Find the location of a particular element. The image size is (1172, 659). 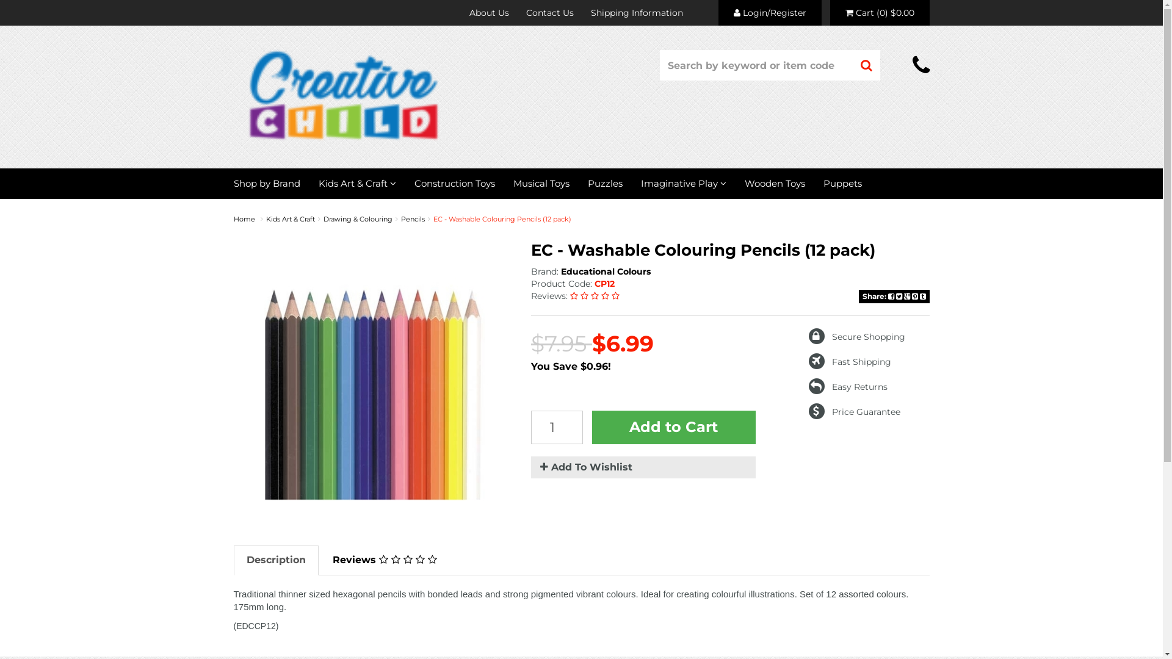

'Creative Child' is located at coordinates (342, 93).